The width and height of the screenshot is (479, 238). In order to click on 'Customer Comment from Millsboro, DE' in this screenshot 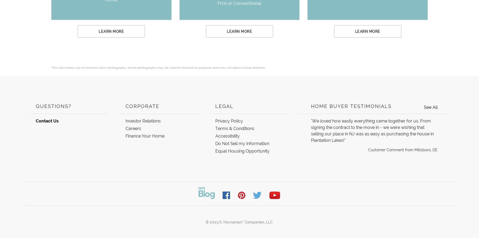, I will do `click(368, 150)`.